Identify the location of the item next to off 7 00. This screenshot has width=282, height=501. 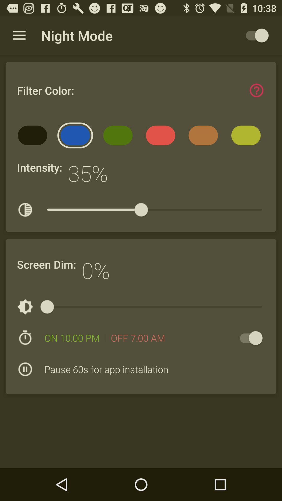
(248, 338).